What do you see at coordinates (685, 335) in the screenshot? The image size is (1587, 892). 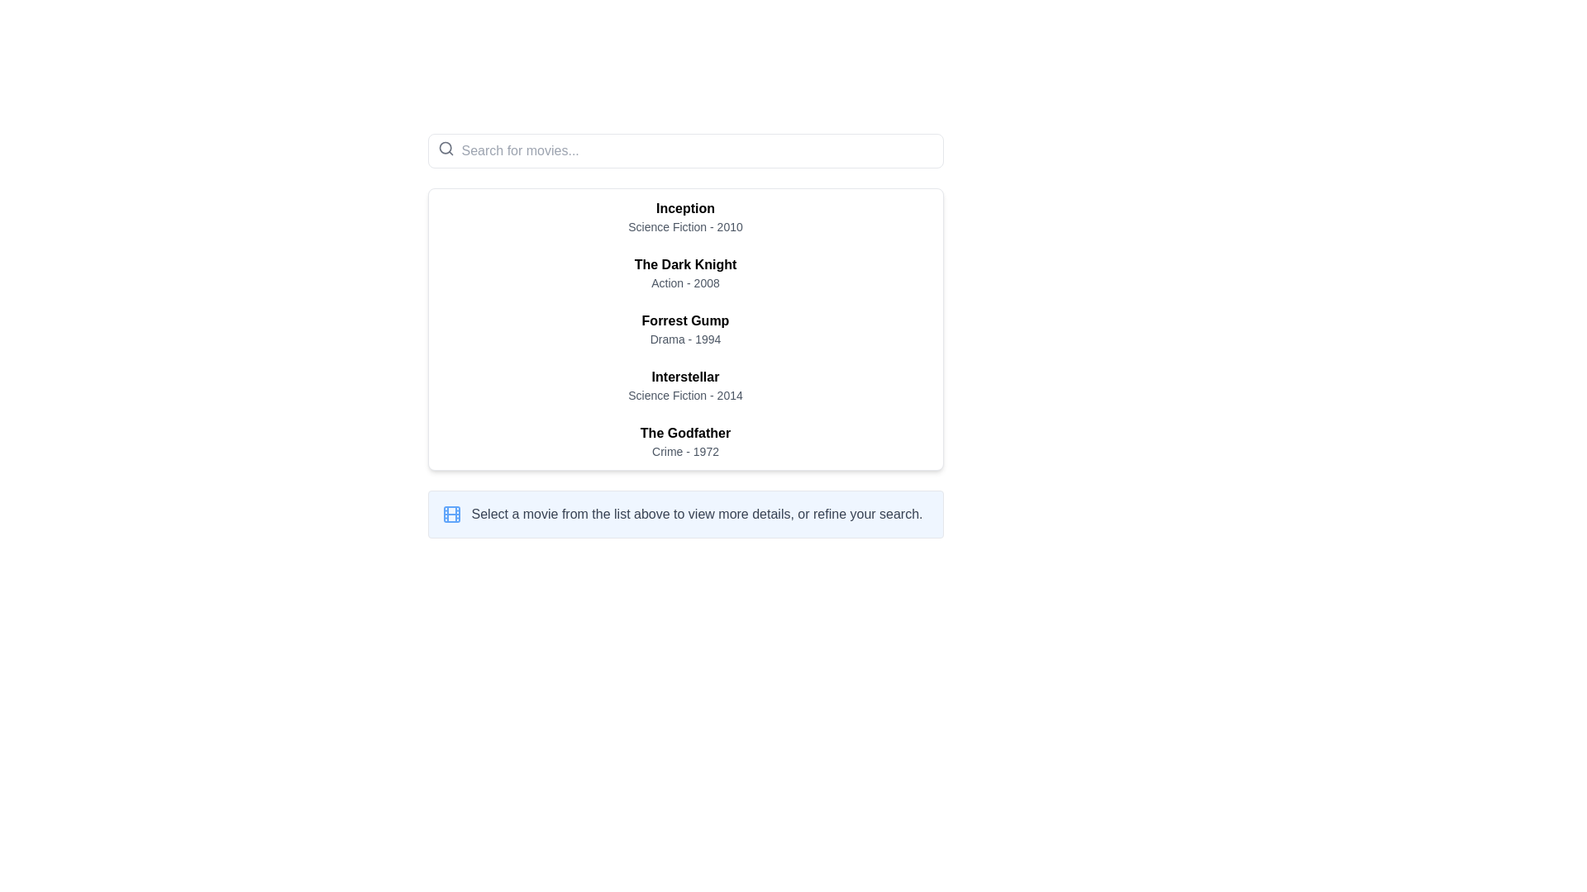 I see `a movie entry in the vertically arranged list of movie titles` at bounding box center [685, 335].